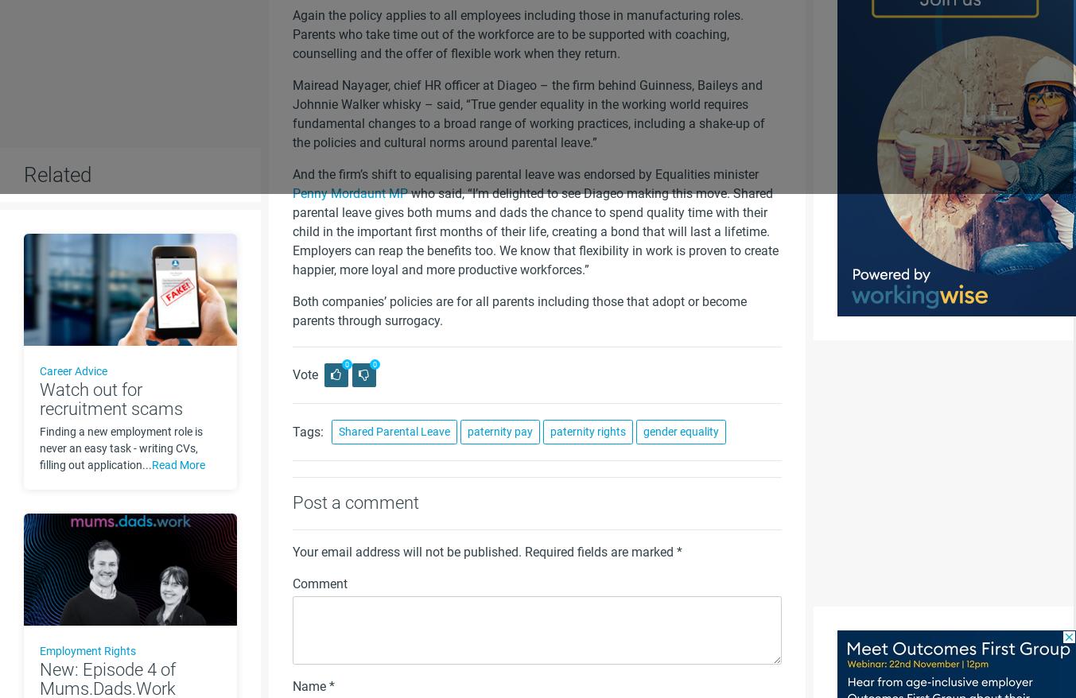 The height and width of the screenshot is (698, 1076). Describe the element at coordinates (111, 398) in the screenshot. I see `'Watch out for recruitment scams'` at that location.